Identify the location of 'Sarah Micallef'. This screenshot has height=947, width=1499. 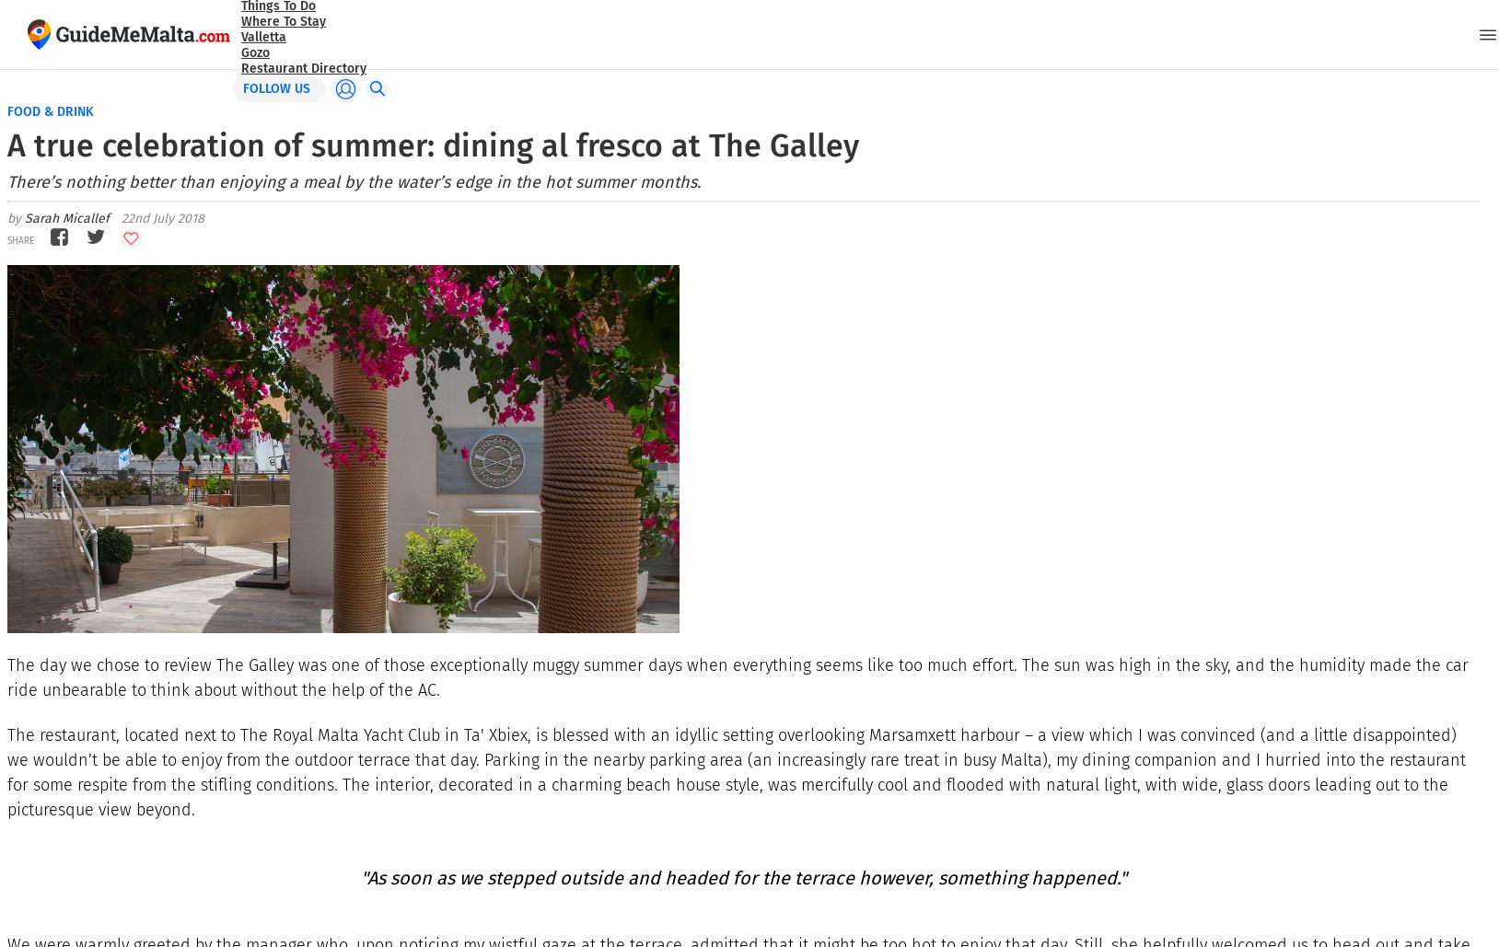
(68, 217).